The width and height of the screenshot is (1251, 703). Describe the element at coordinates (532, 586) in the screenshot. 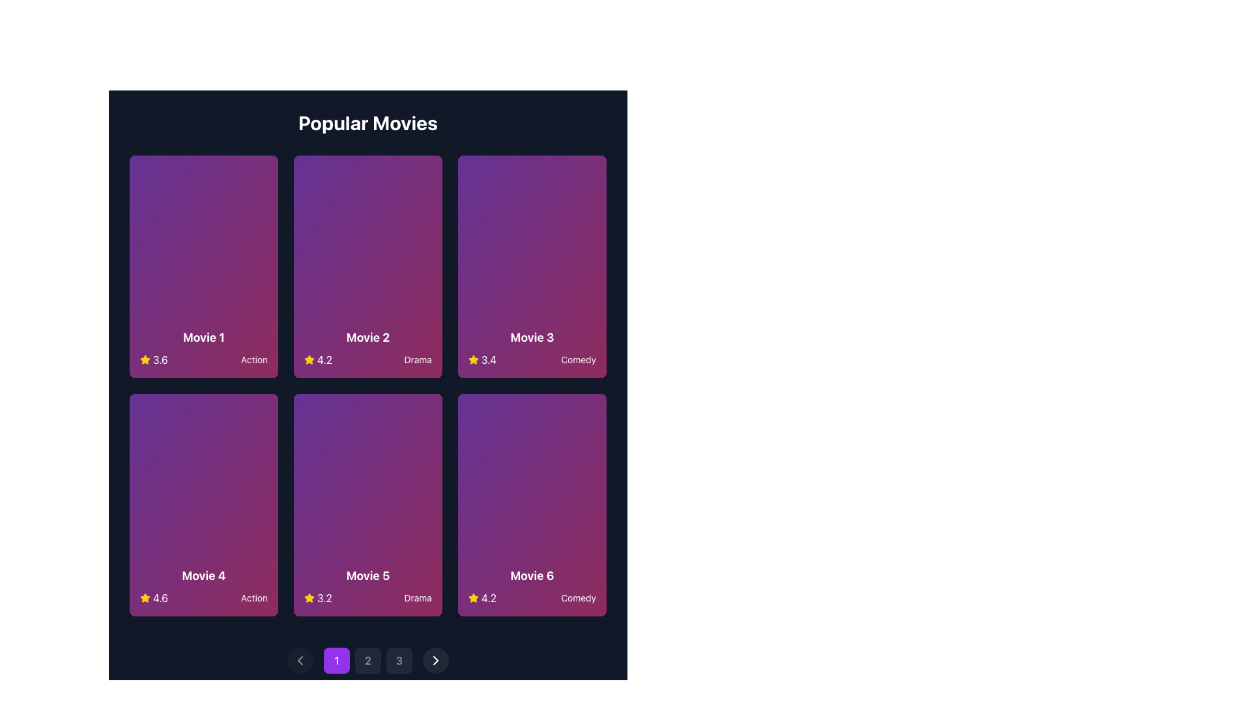

I see `the informational element at the bottom of the card for 'Movie 6' in the grid layout` at that location.